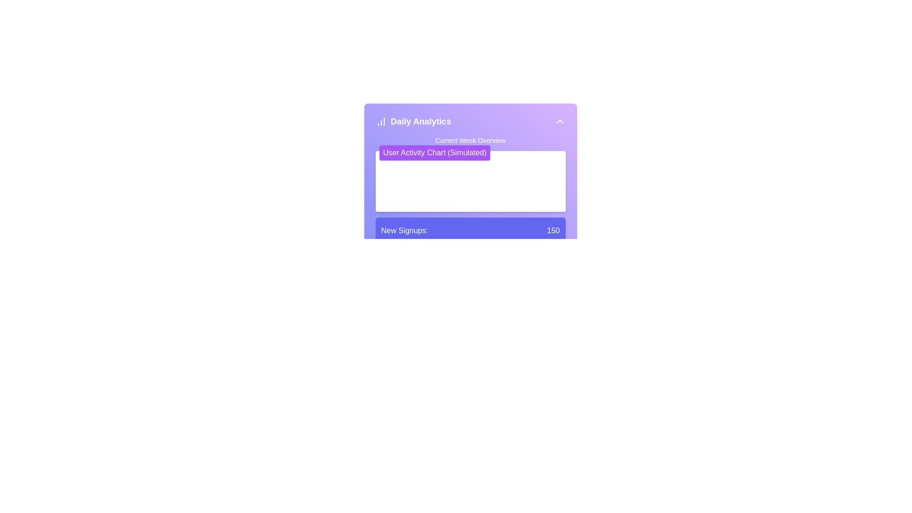 The height and width of the screenshot is (513, 912). What do you see at coordinates (434, 152) in the screenshot?
I see `the label or badge indicating user activity visualization within the 'Daily Analytics' card, located at the upper-left part inside the card, slightly overlapping its border` at bounding box center [434, 152].